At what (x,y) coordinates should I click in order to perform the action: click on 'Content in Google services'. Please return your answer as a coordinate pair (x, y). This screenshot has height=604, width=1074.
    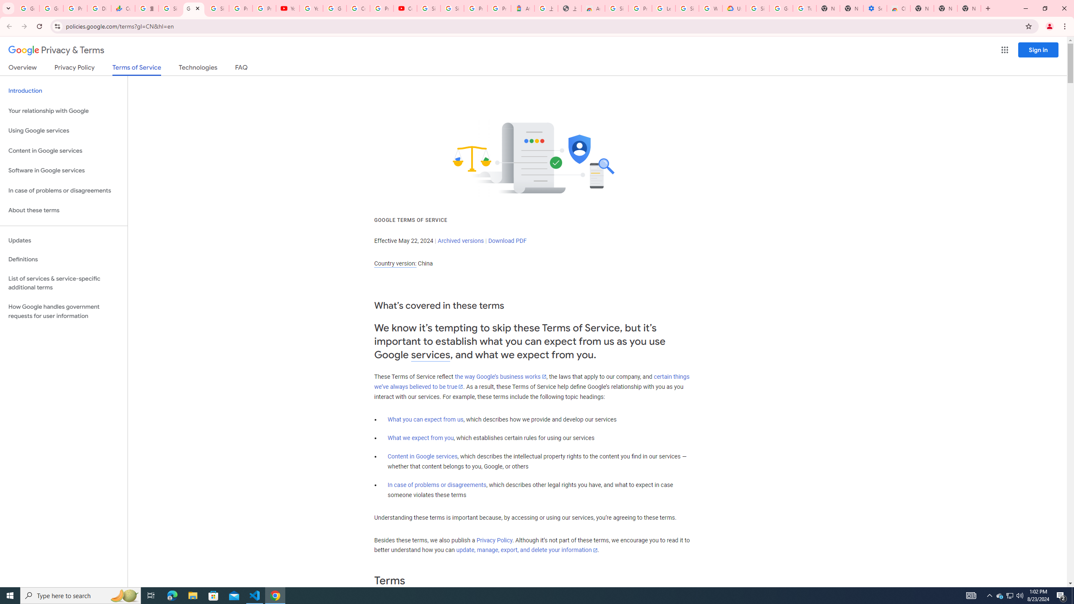
    Looking at the image, I should click on (422, 456).